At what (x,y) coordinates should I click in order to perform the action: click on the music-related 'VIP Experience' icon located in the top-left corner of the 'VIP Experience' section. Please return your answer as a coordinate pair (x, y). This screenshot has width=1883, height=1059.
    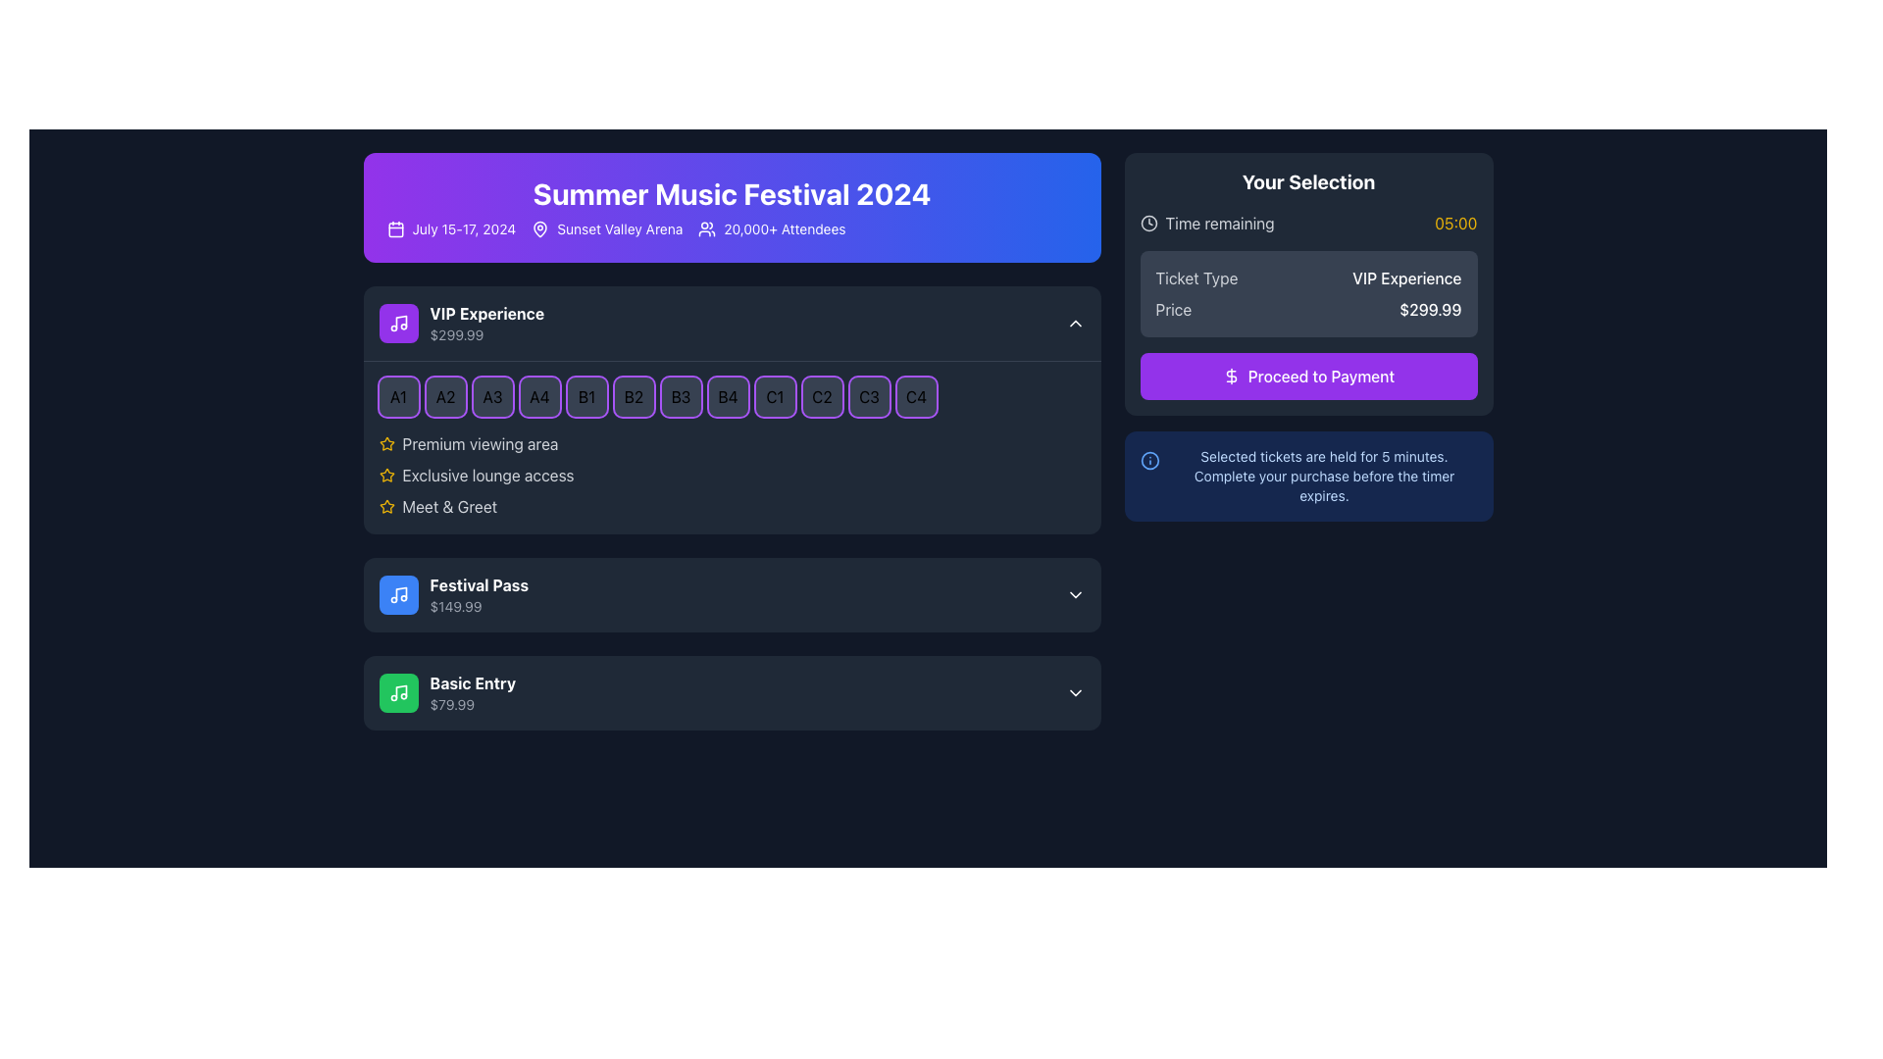
    Looking at the image, I should click on (397, 323).